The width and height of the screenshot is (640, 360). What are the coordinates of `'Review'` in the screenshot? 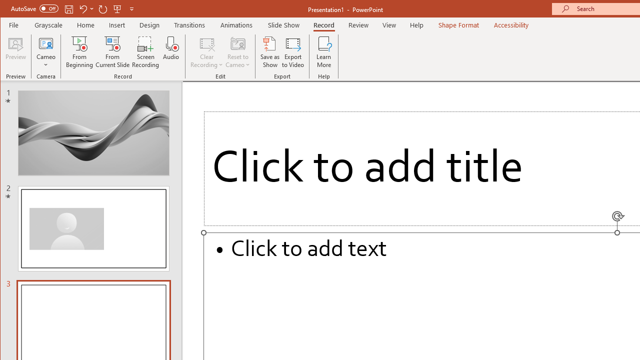 It's located at (358, 24).